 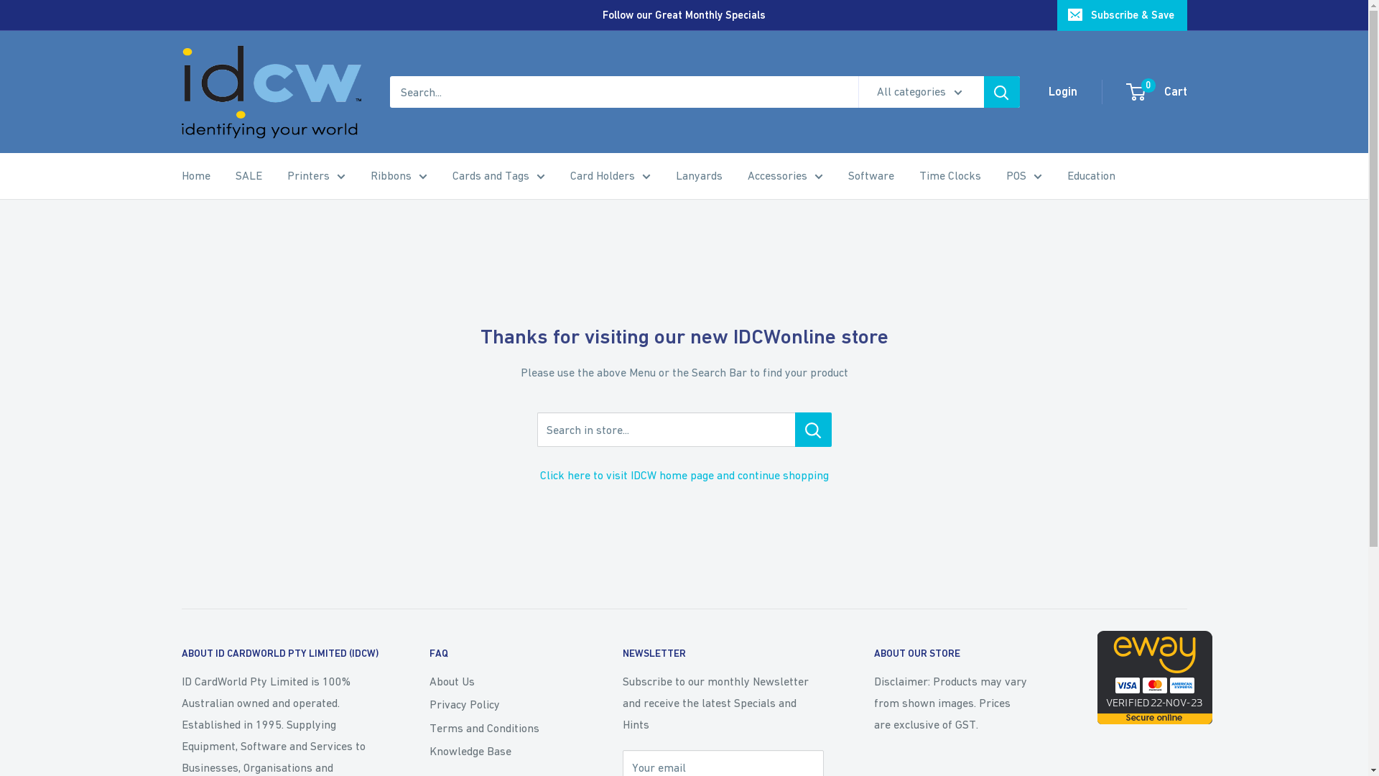 I want to click on 'SALE', so click(x=249, y=175).